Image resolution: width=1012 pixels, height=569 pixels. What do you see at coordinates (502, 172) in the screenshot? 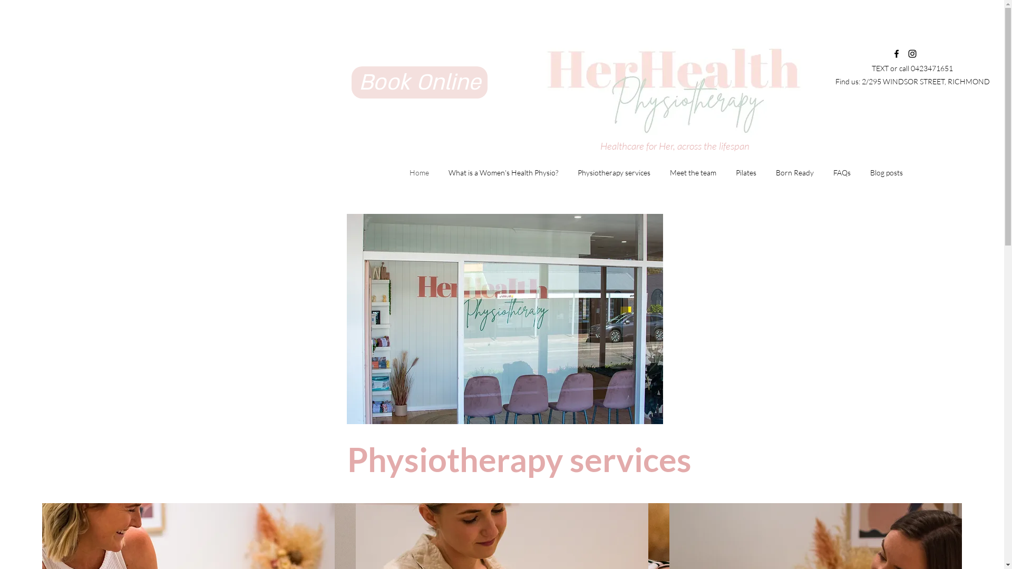
I see `'What is a Women's Health Physio?'` at bounding box center [502, 172].